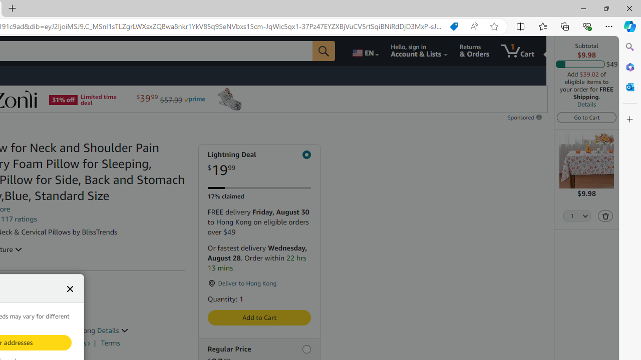 The height and width of the screenshot is (360, 641). What do you see at coordinates (474, 50) in the screenshot?
I see `'Returns & Orders'` at bounding box center [474, 50].